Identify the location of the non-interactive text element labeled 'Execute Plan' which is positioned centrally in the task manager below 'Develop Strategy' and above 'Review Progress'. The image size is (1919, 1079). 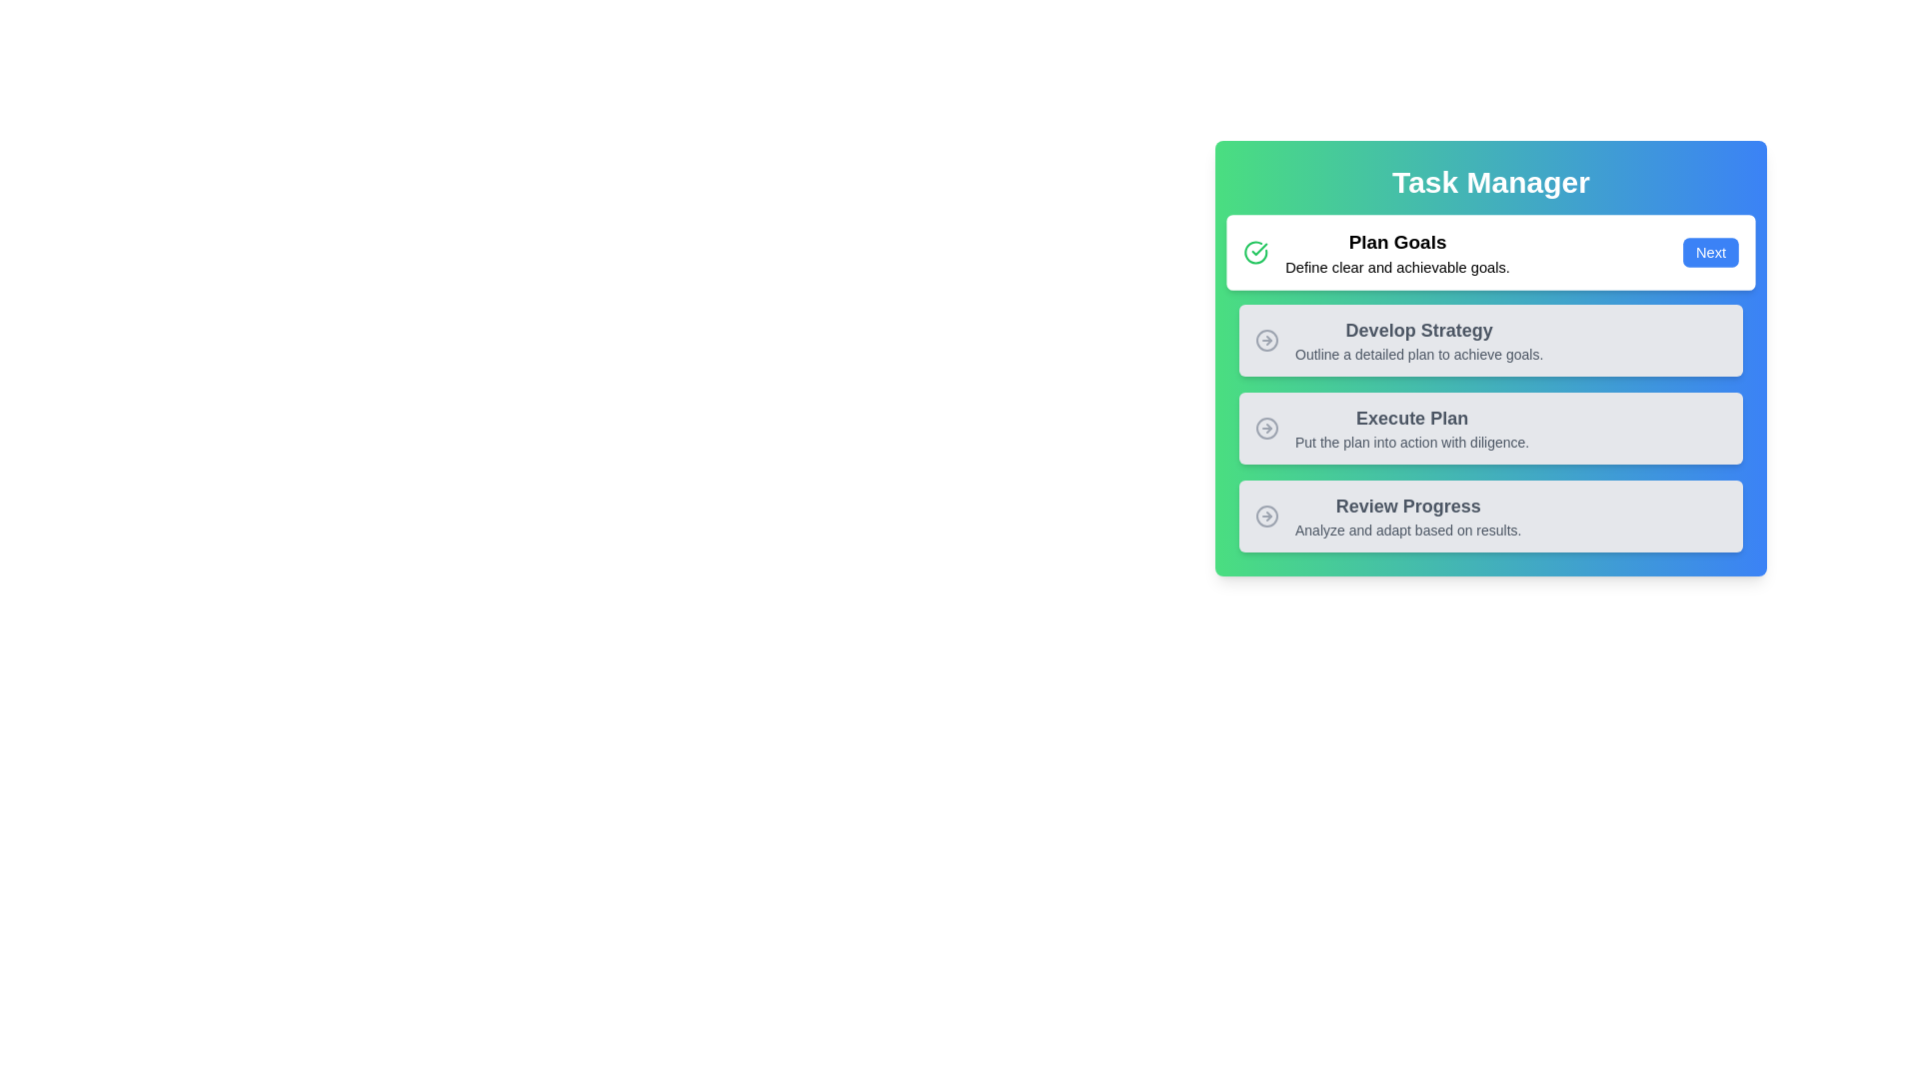
(1391, 427).